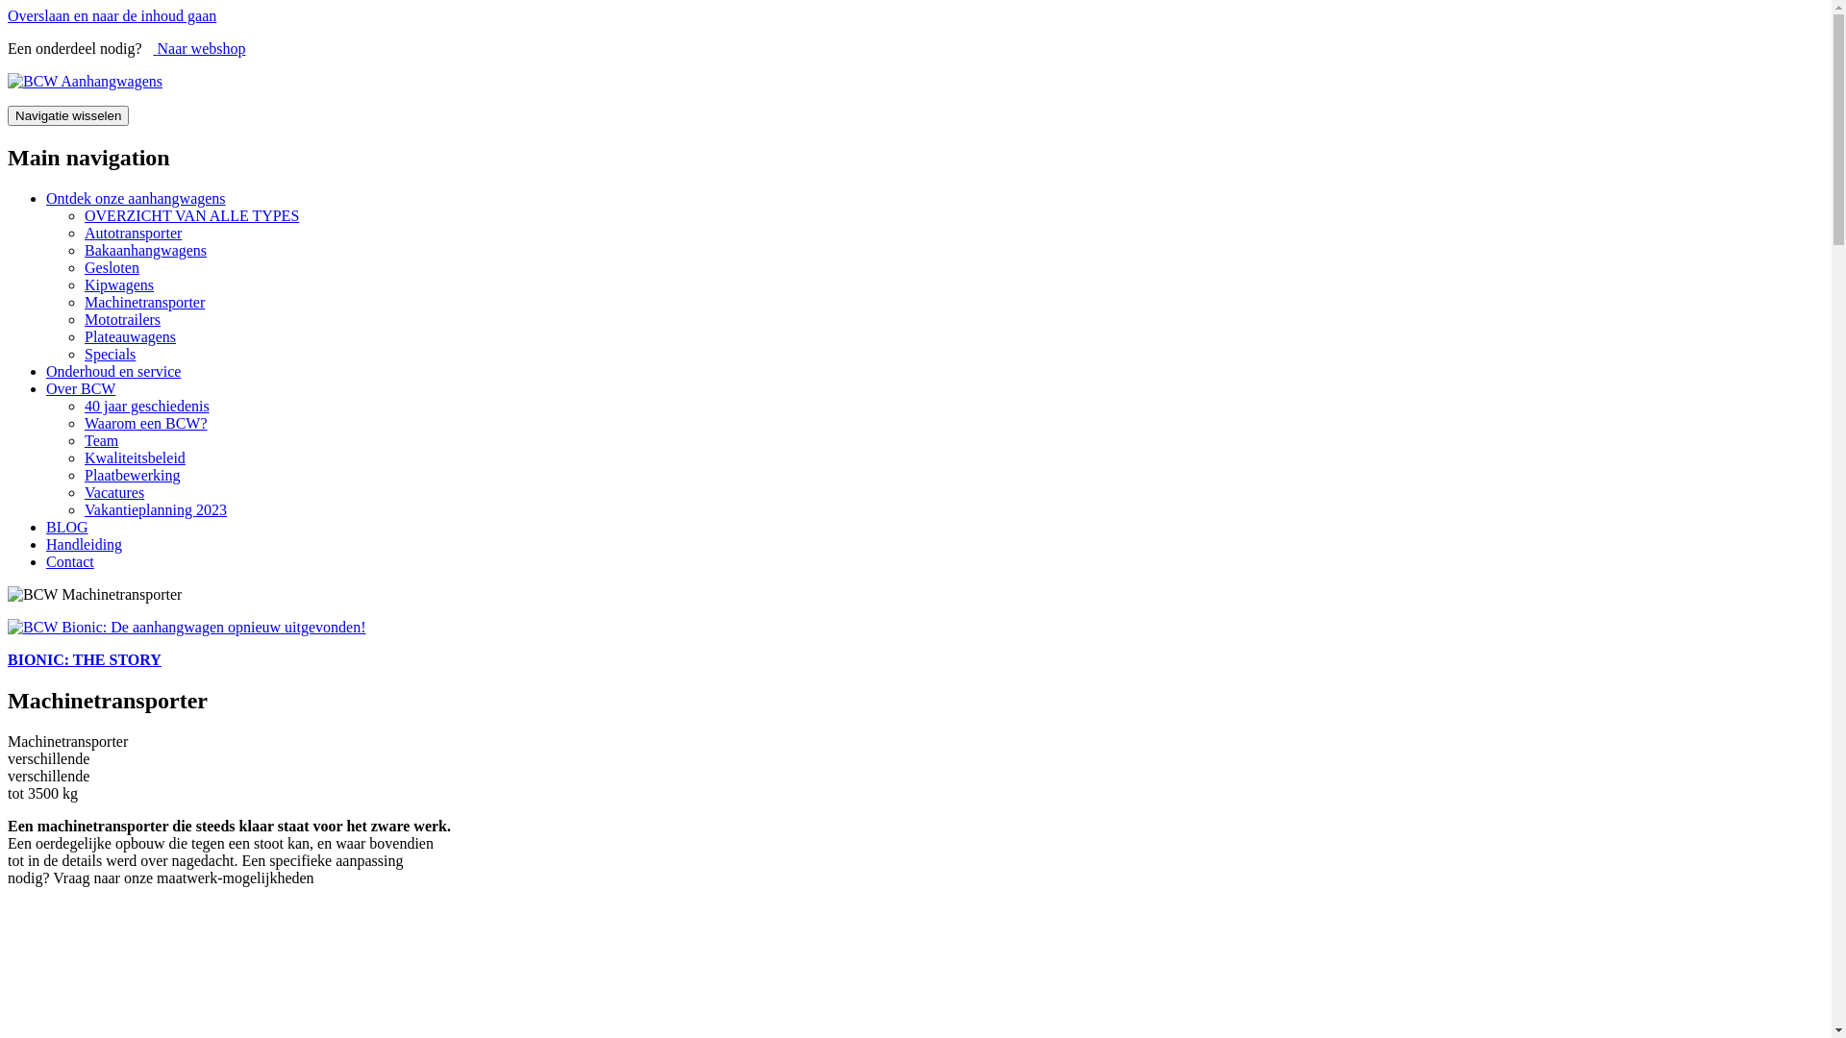 The image size is (1846, 1038). I want to click on 'Plateauwagens', so click(129, 335).